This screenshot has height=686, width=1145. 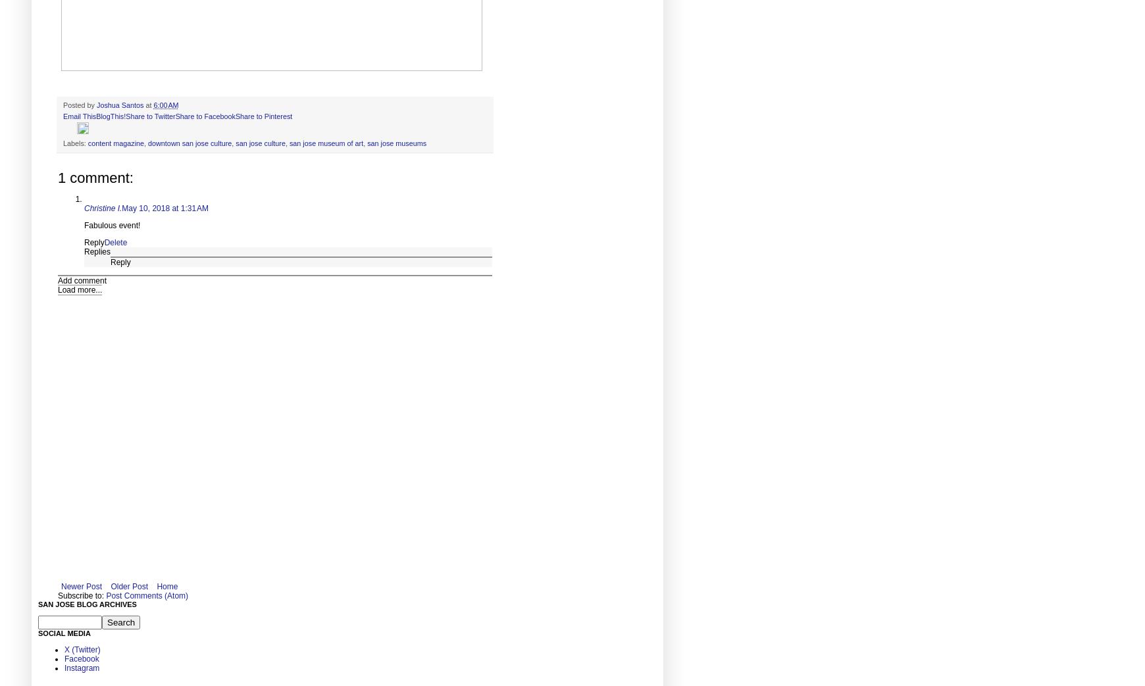 I want to click on 'Posted by', so click(x=79, y=103).